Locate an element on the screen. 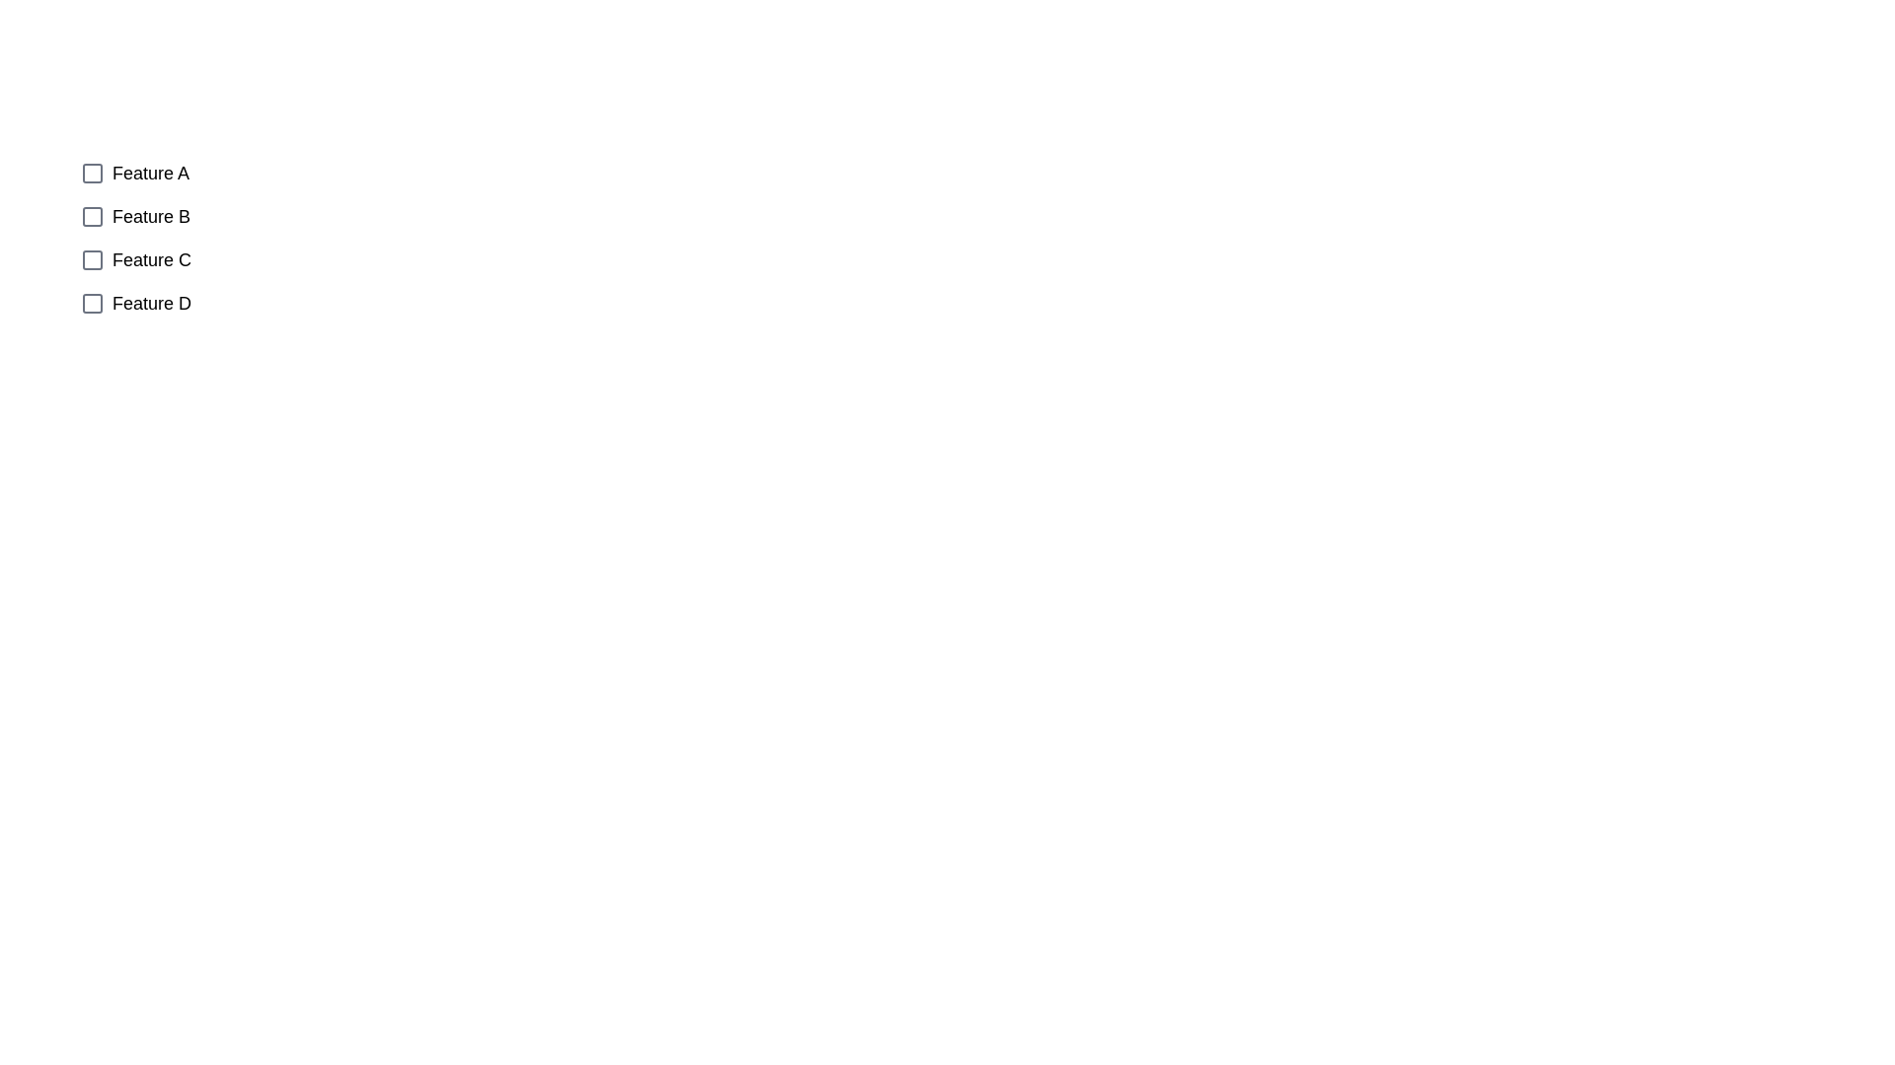  the checkbox corresponding to Feature A to observe its position is located at coordinates (134, 173).